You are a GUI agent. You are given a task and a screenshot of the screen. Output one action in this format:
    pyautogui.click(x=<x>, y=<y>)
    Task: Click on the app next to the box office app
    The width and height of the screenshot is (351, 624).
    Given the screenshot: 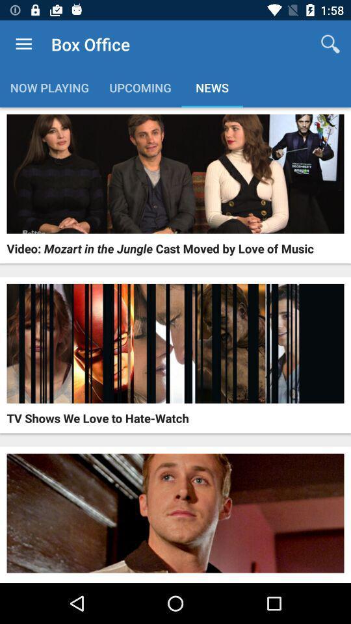 What is the action you would take?
    pyautogui.click(x=330, y=44)
    